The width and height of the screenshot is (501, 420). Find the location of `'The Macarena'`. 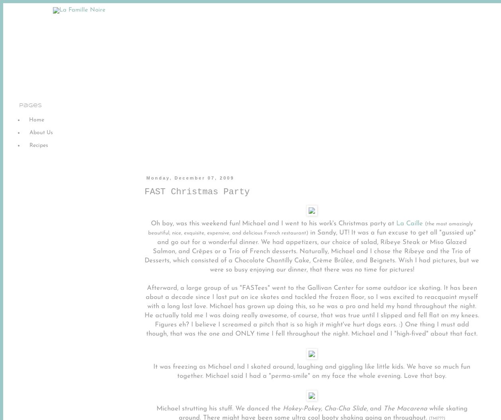

'The Macarena' is located at coordinates (404, 408).